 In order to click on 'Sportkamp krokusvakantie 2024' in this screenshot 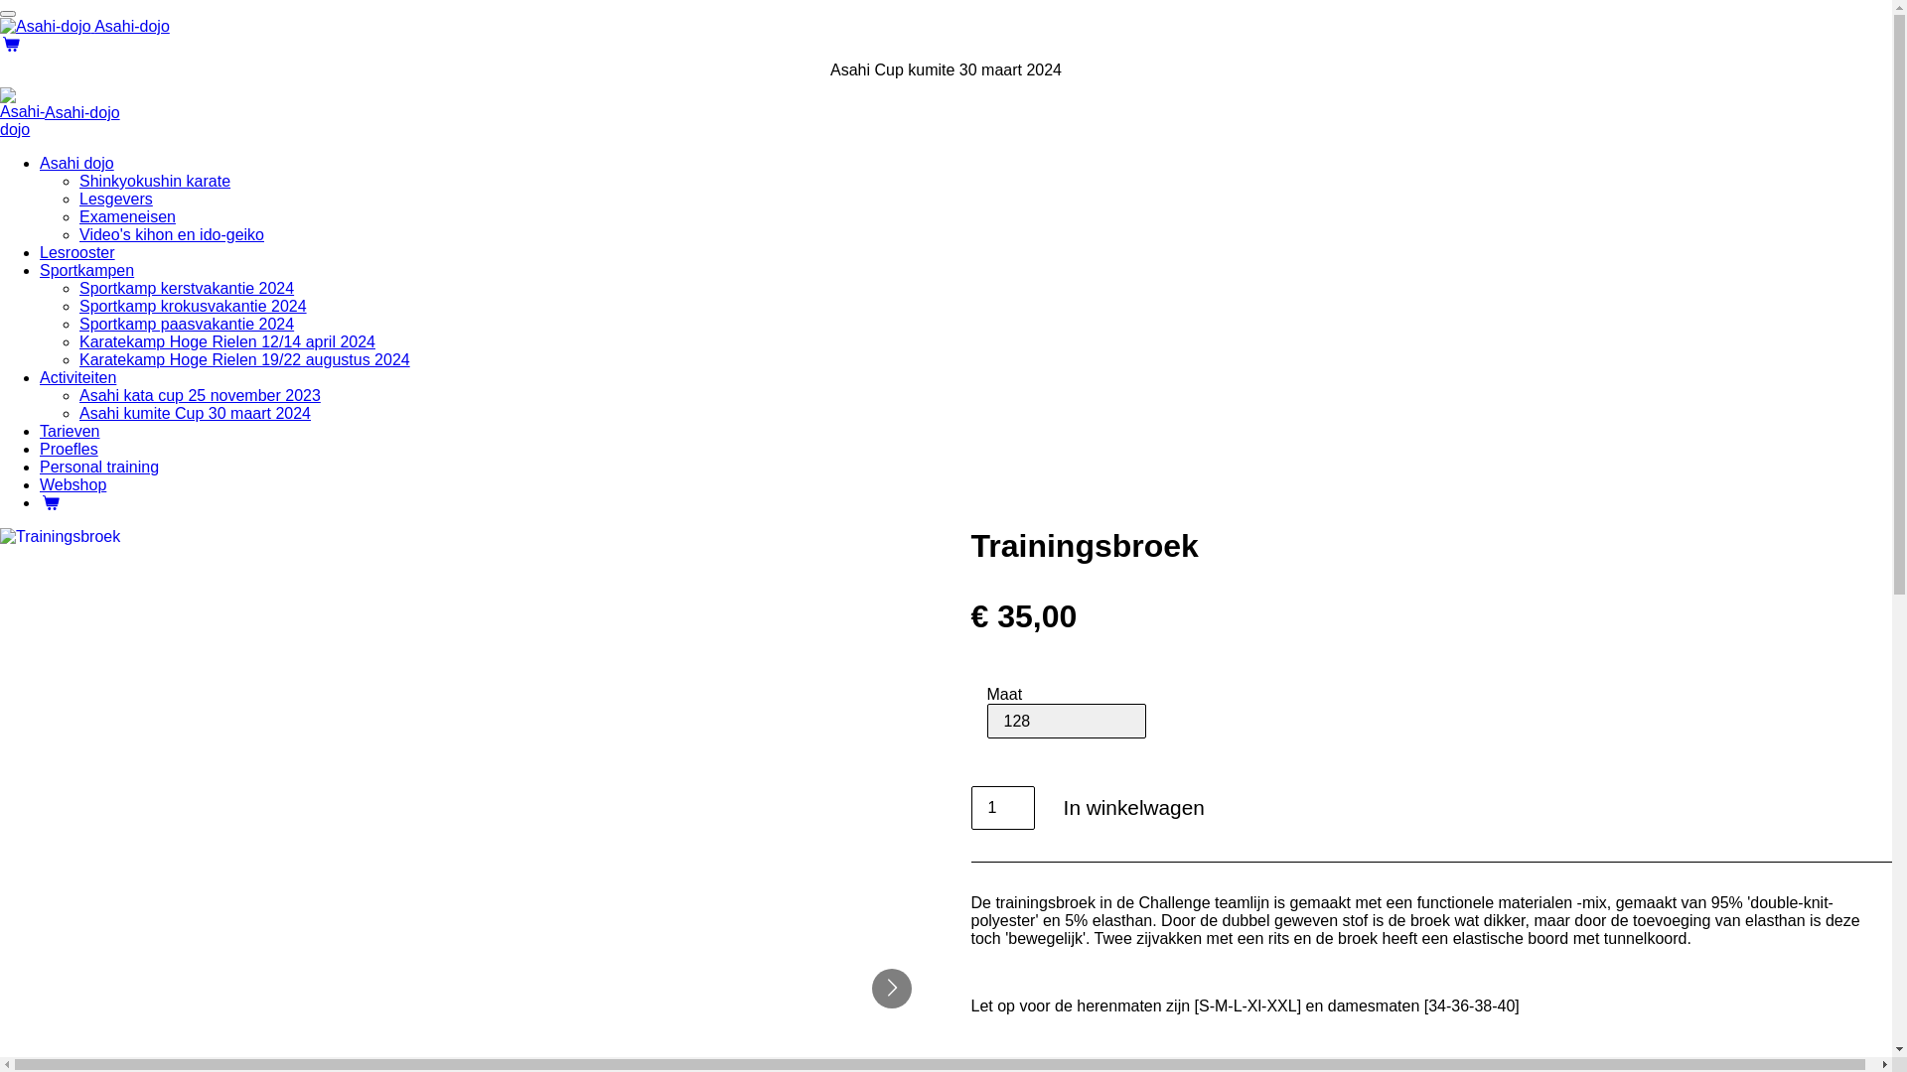, I will do `click(193, 306)`.